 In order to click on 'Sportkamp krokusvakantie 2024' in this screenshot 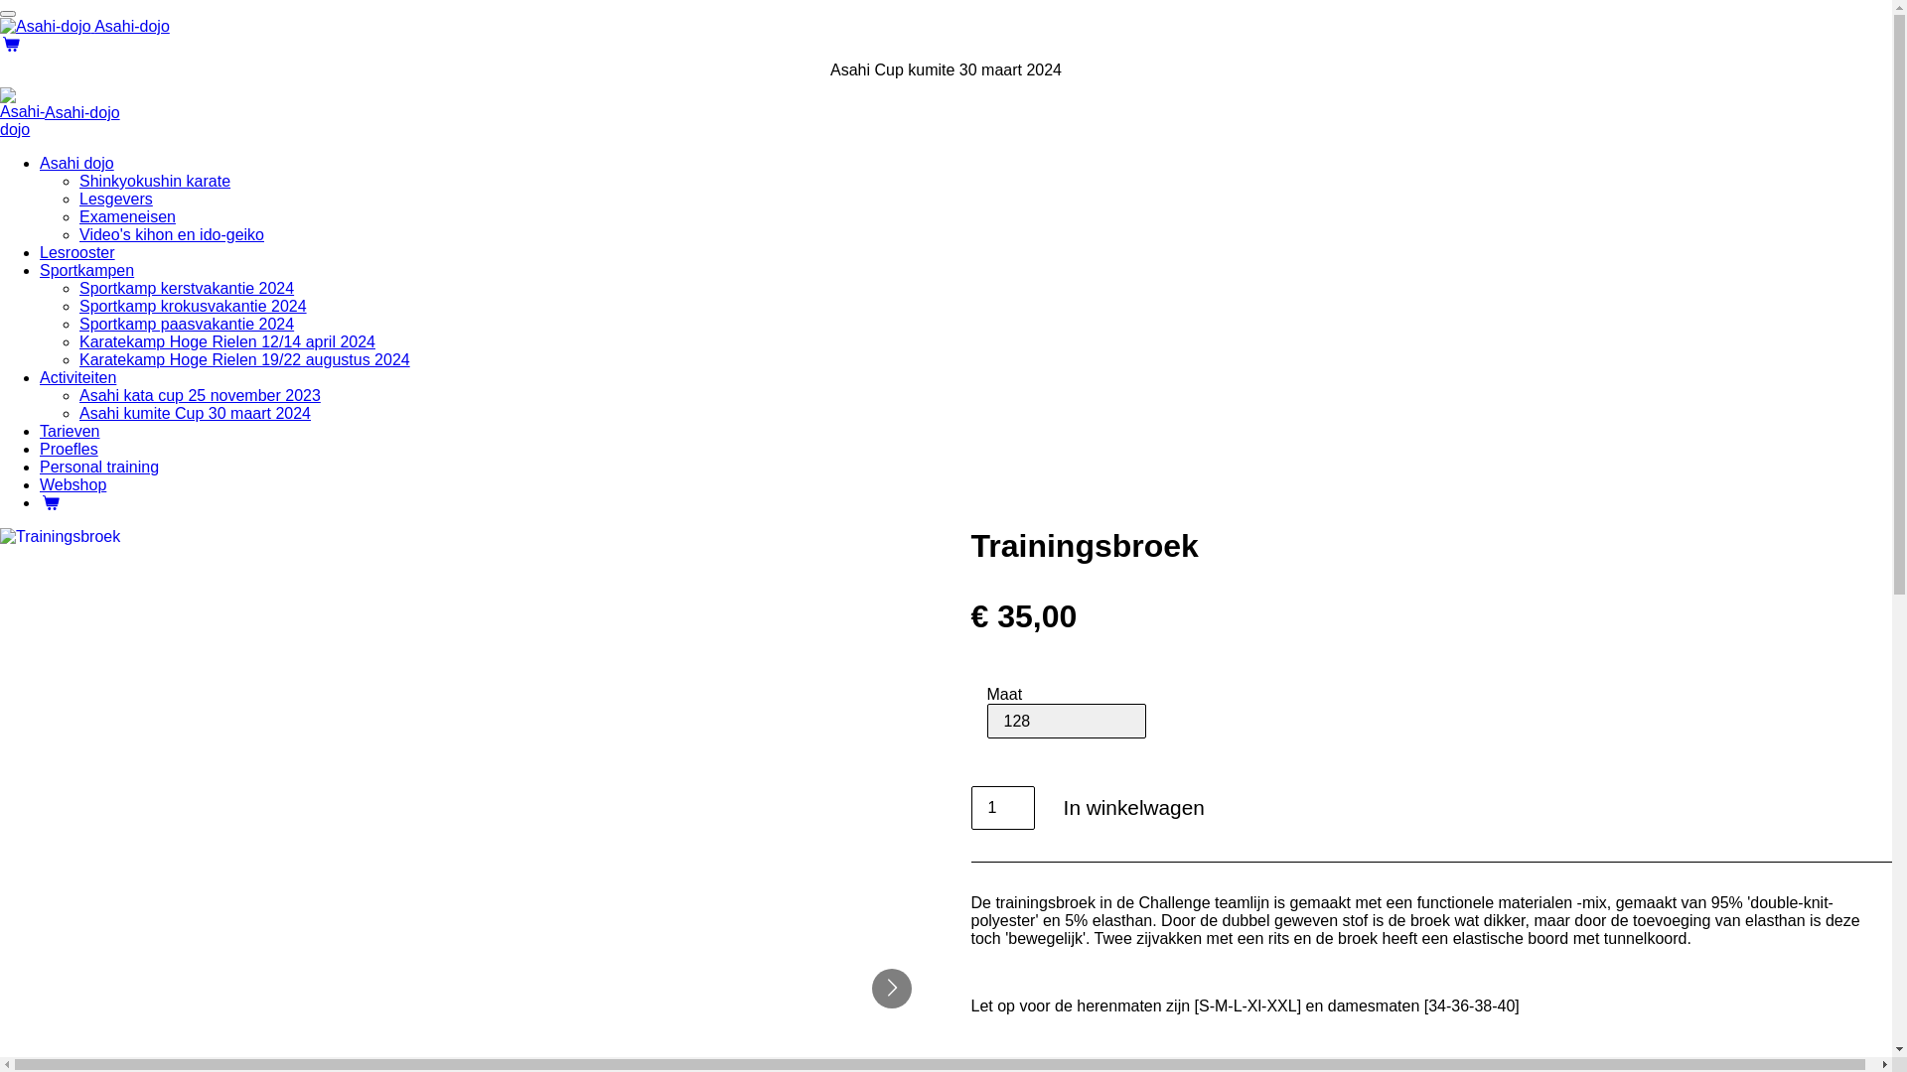, I will do `click(193, 306)`.